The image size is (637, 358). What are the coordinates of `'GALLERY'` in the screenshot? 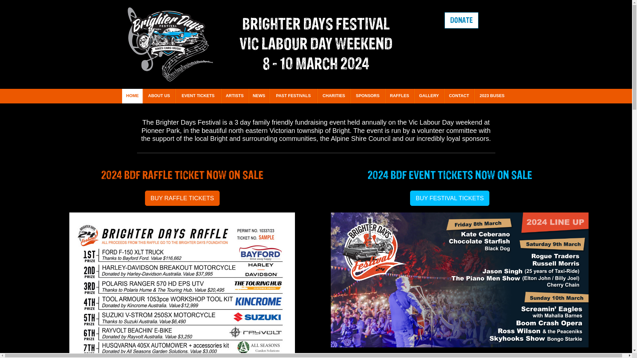 It's located at (429, 96).